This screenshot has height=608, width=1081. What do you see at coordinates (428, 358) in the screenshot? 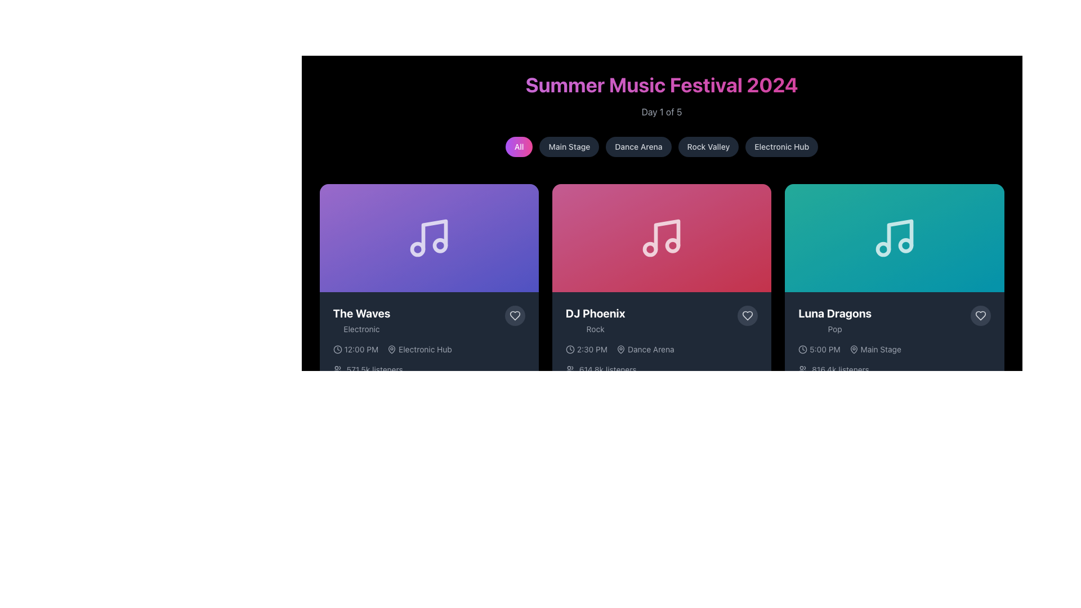
I see `the informational section that provides details about 'The Waves' music event, including time, genre, venue, and listener count` at bounding box center [428, 358].